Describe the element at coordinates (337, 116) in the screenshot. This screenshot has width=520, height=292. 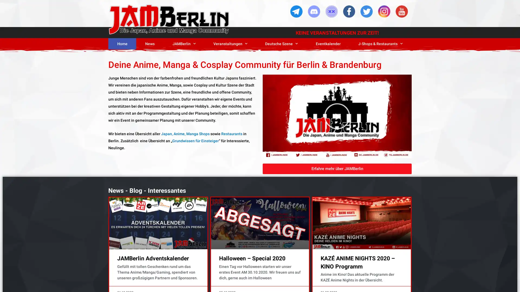
I see `Video abspielen` at that location.